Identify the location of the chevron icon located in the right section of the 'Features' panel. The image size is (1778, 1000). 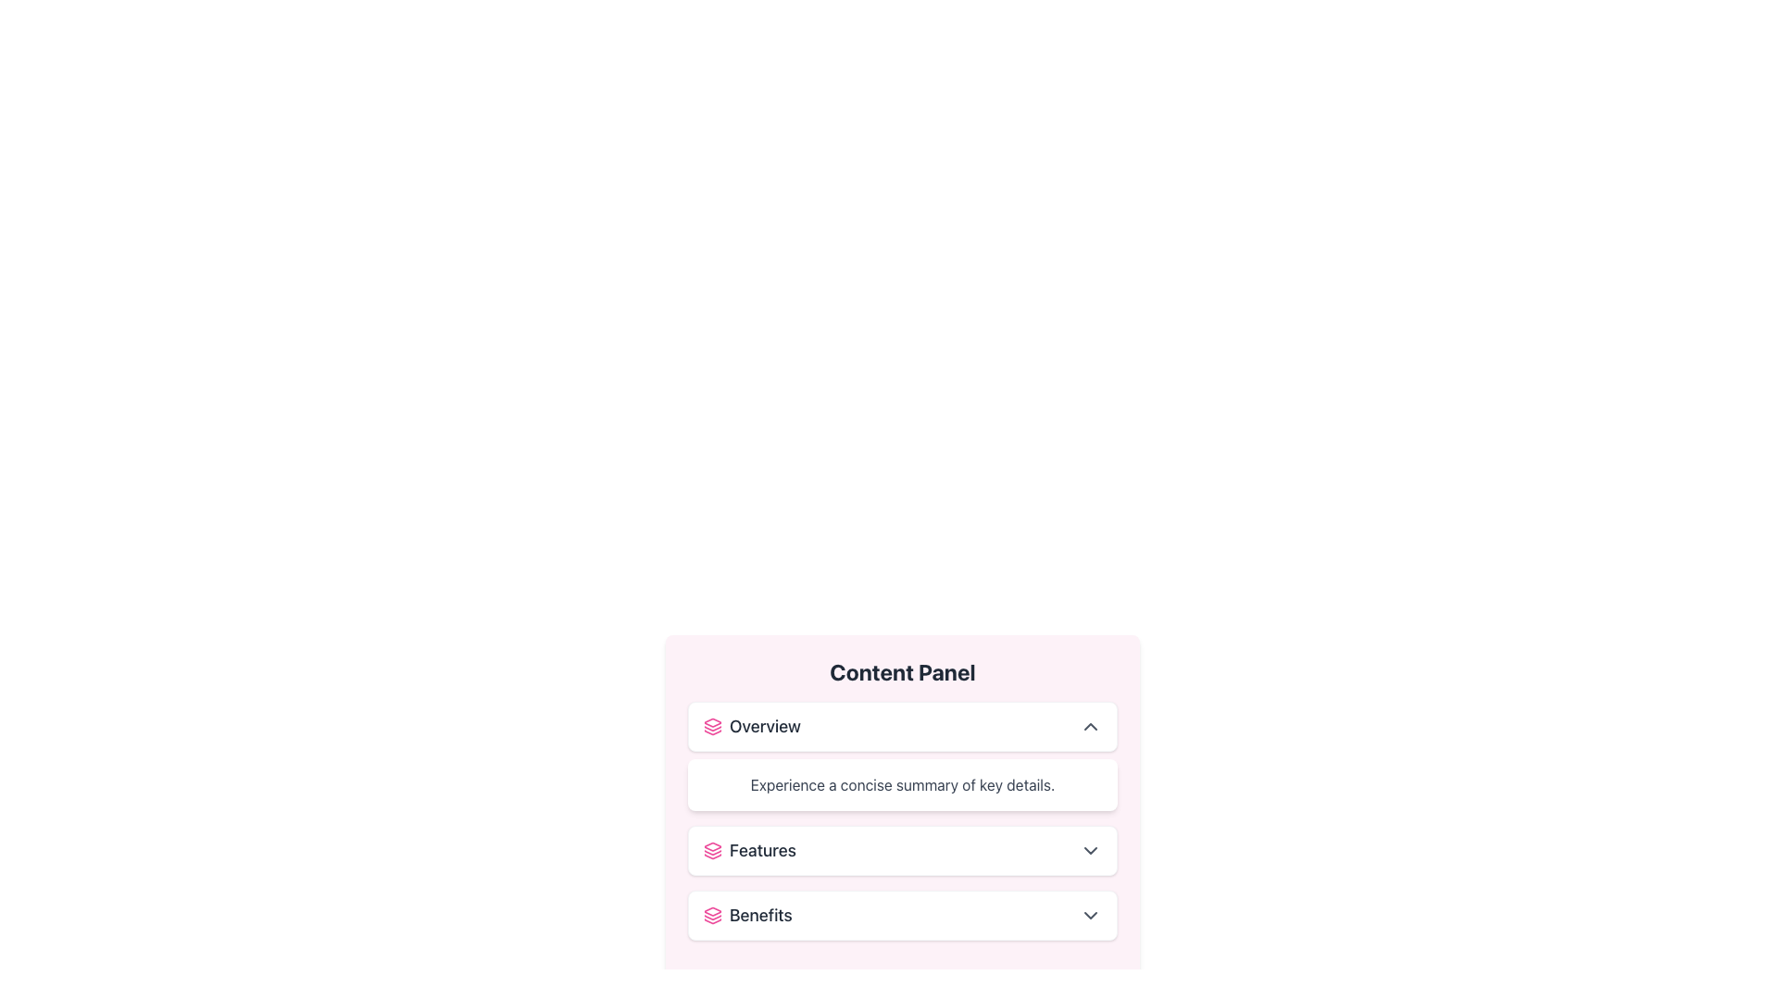
(1090, 850).